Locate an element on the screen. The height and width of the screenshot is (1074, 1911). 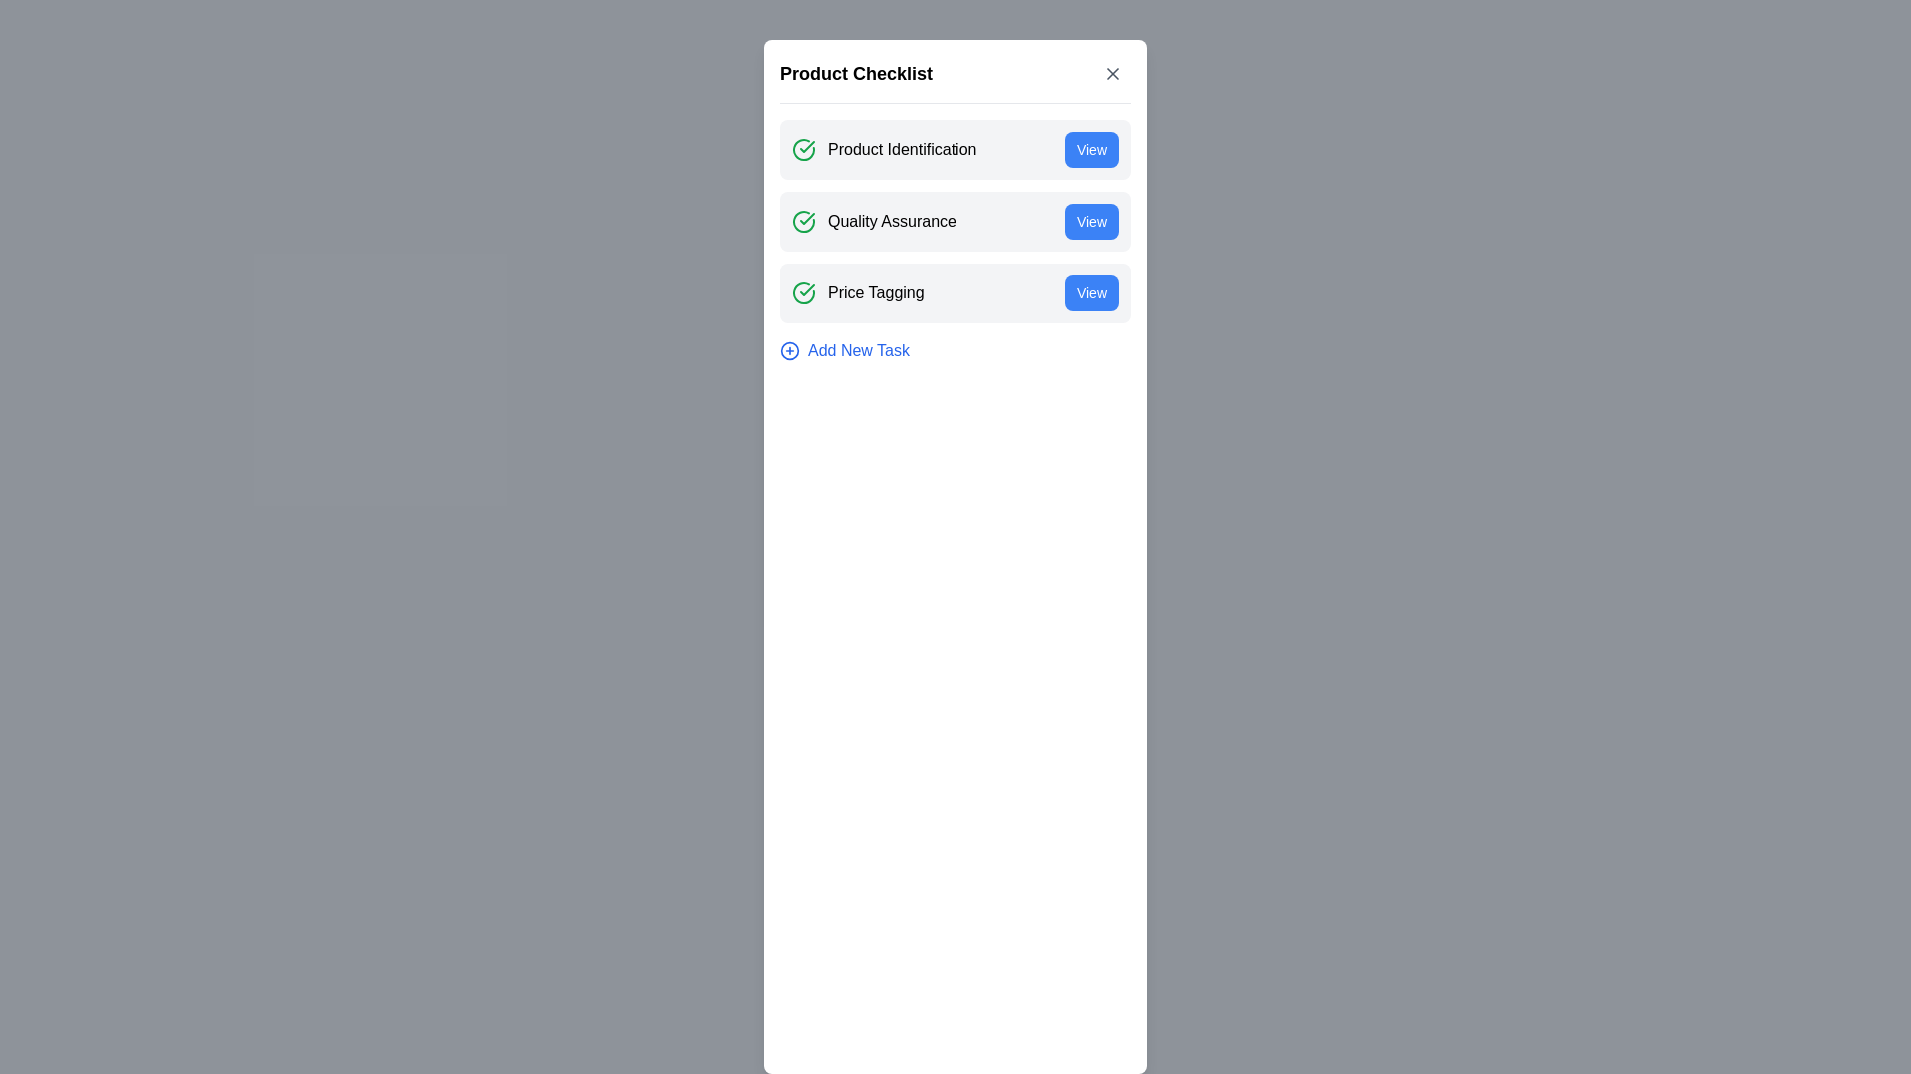
the Interactive Card labeled 'Price Tagging' in the Product Checklist interface is located at coordinates (955, 292).